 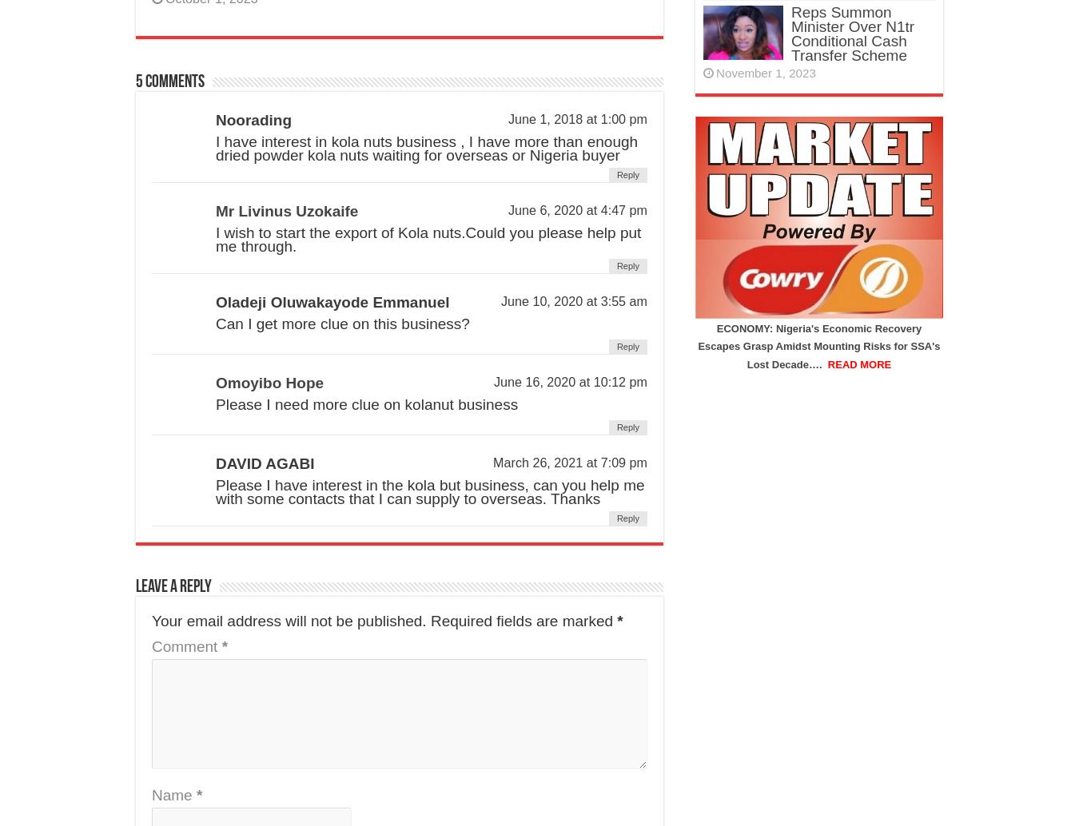 What do you see at coordinates (427, 238) in the screenshot?
I see `'I wish to start  the export of Kola nuts.Could you please help put me through.'` at bounding box center [427, 238].